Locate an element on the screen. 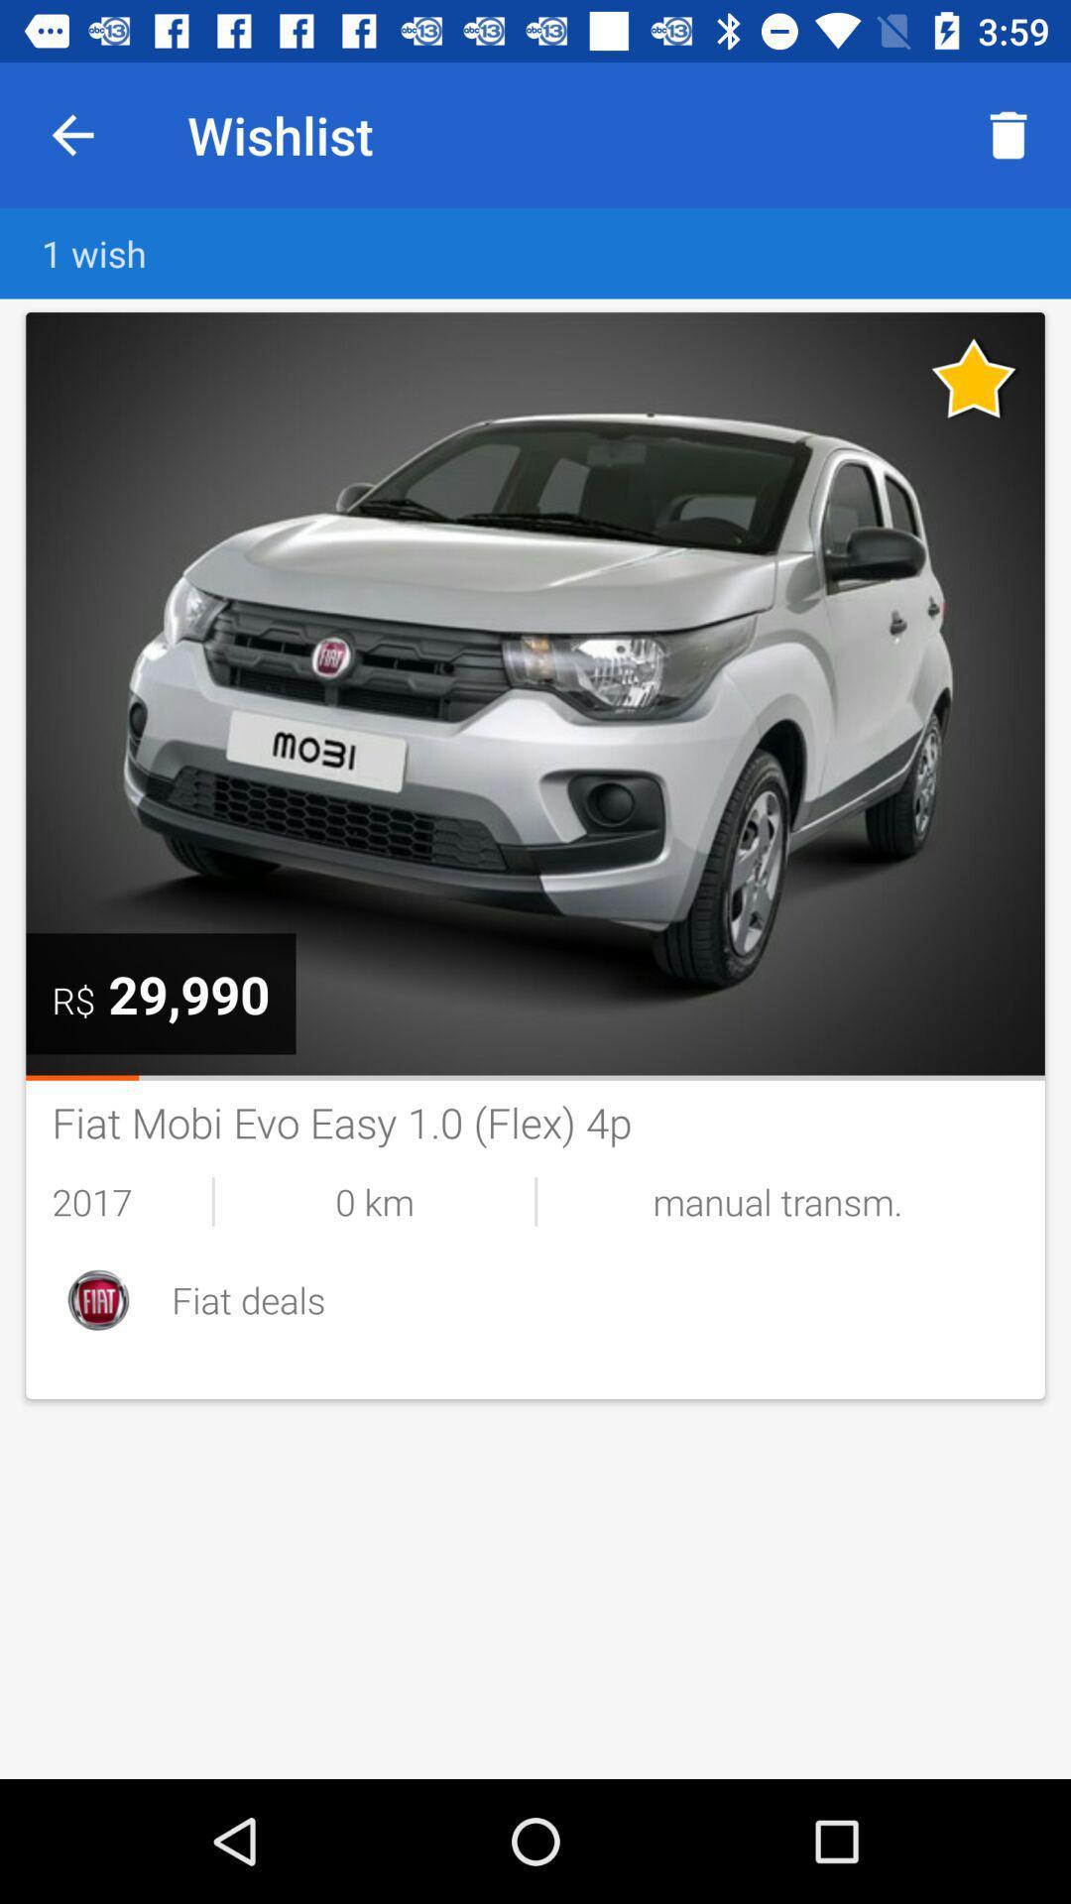 This screenshot has width=1071, height=1904. the item below fiat mobi evo item is located at coordinates (776, 1200).